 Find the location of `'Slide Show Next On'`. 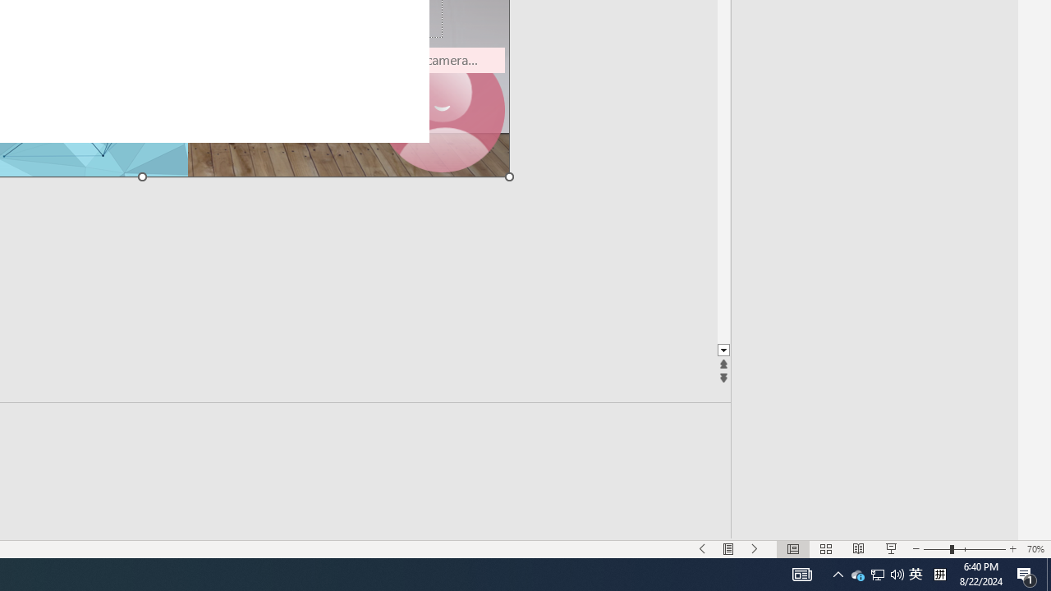

'Slide Show Next On' is located at coordinates (754, 549).